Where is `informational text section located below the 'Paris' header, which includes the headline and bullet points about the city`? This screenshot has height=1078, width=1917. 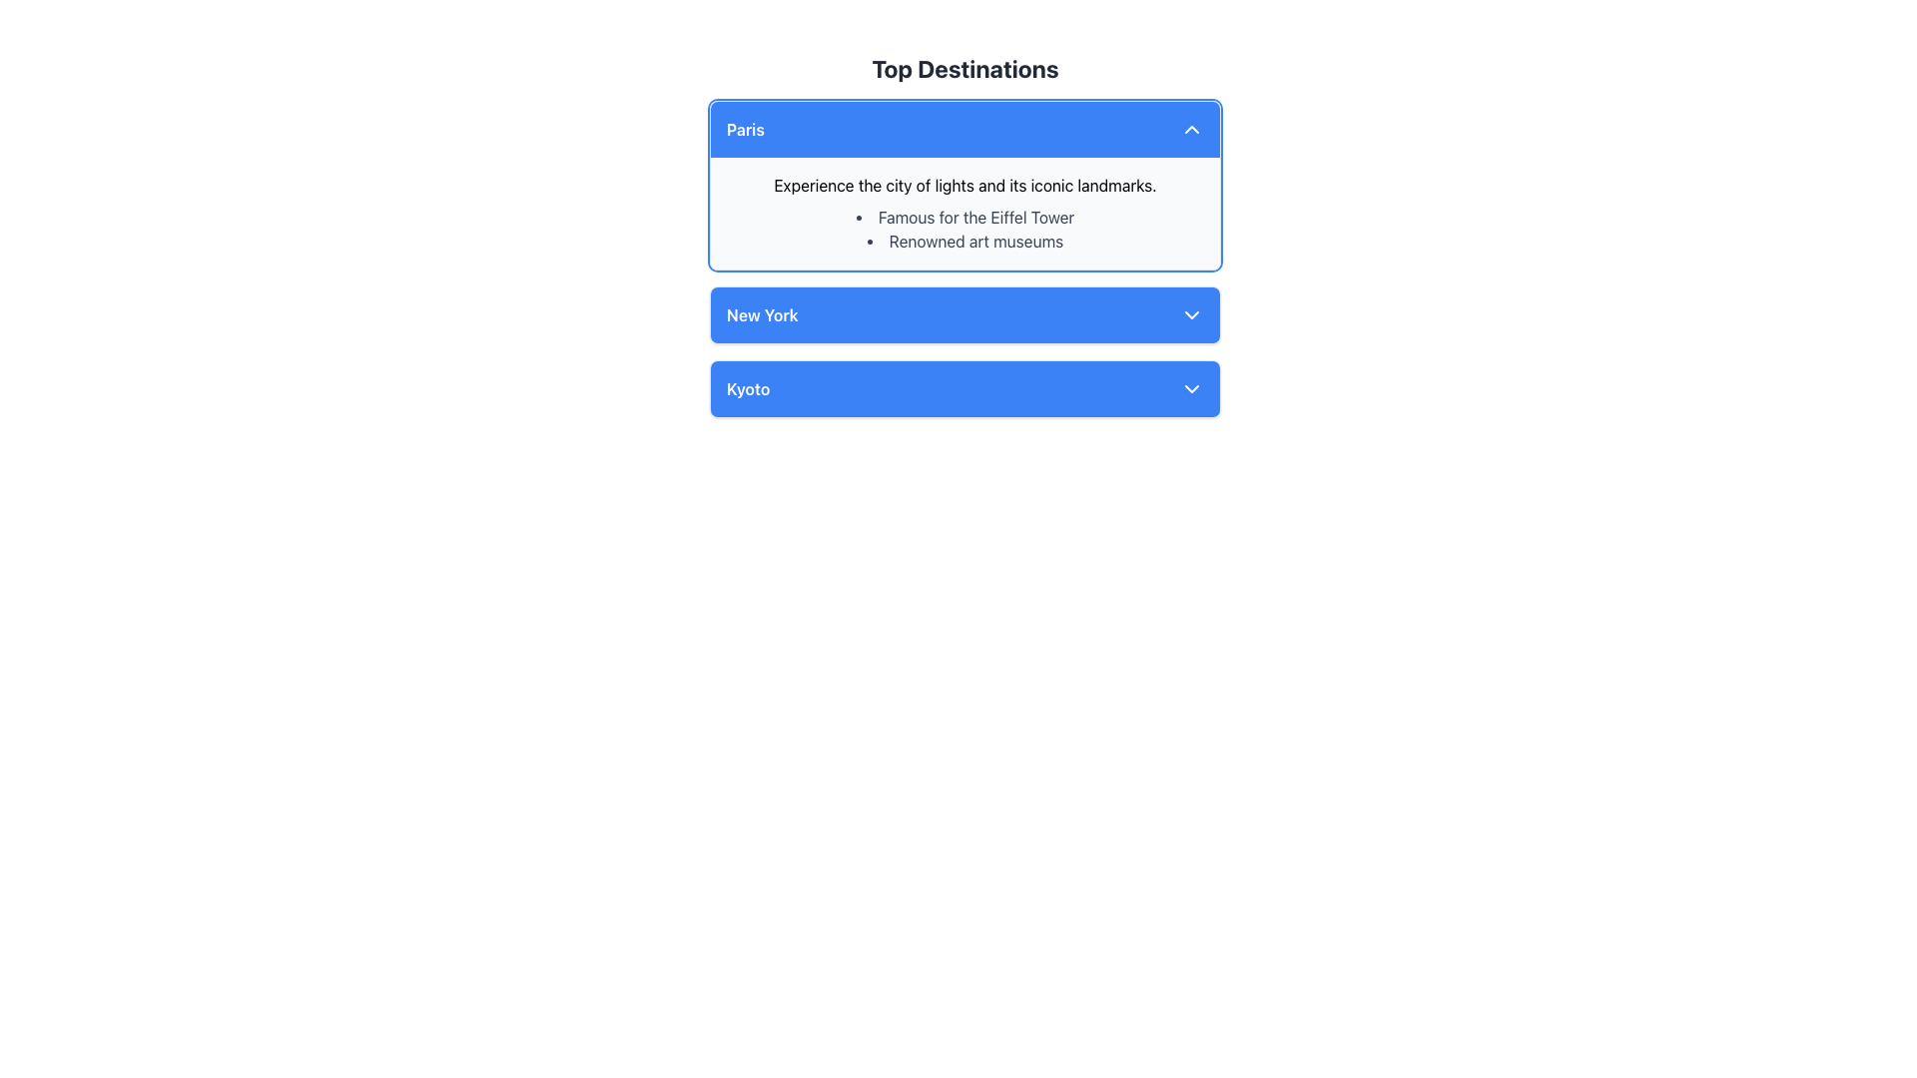 informational text section located below the 'Paris' header, which includes the headline and bullet points about the city is located at coordinates (964, 213).